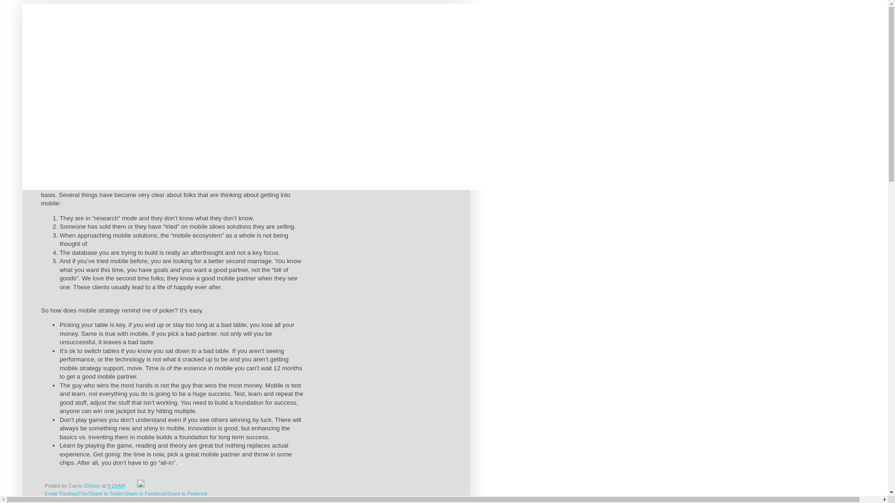 This screenshot has width=895, height=503. What do you see at coordinates (106, 493) in the screenshot?
I see `'Share to Twitter'` at bounding box center [106, 493].